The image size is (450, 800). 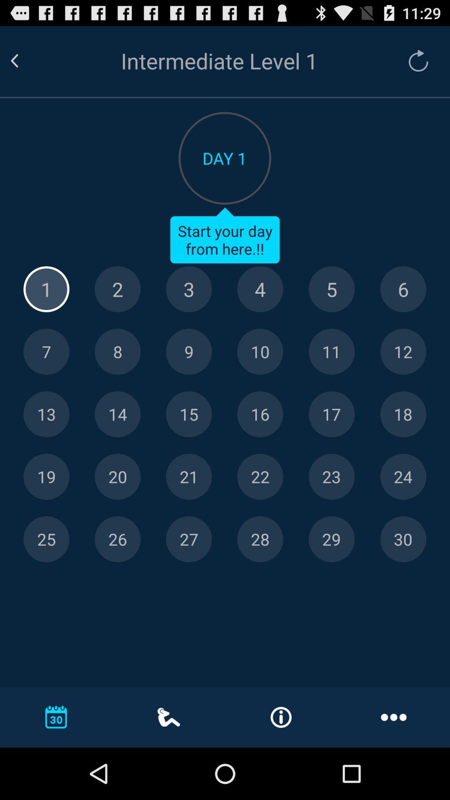 I want to click on open 14th level, so click(x=117, y=414).